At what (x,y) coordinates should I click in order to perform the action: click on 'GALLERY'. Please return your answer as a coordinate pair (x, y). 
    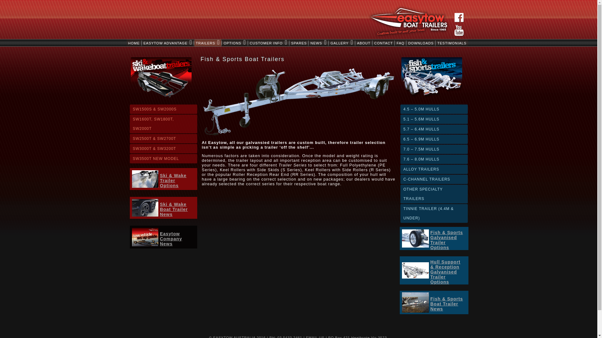
    Looking at the image, I should click on (341, 43).